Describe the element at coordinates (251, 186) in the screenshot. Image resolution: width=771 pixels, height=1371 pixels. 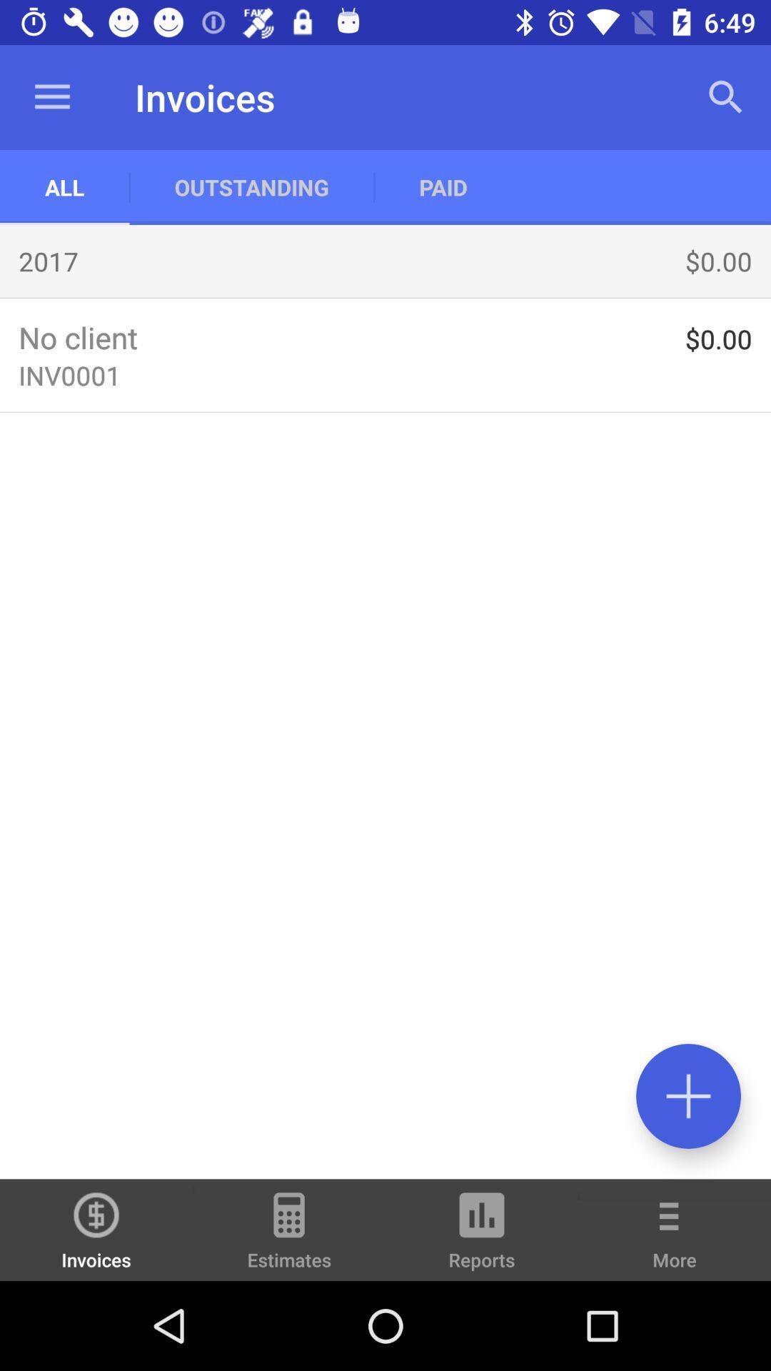
I see `outstanding item` at that location.